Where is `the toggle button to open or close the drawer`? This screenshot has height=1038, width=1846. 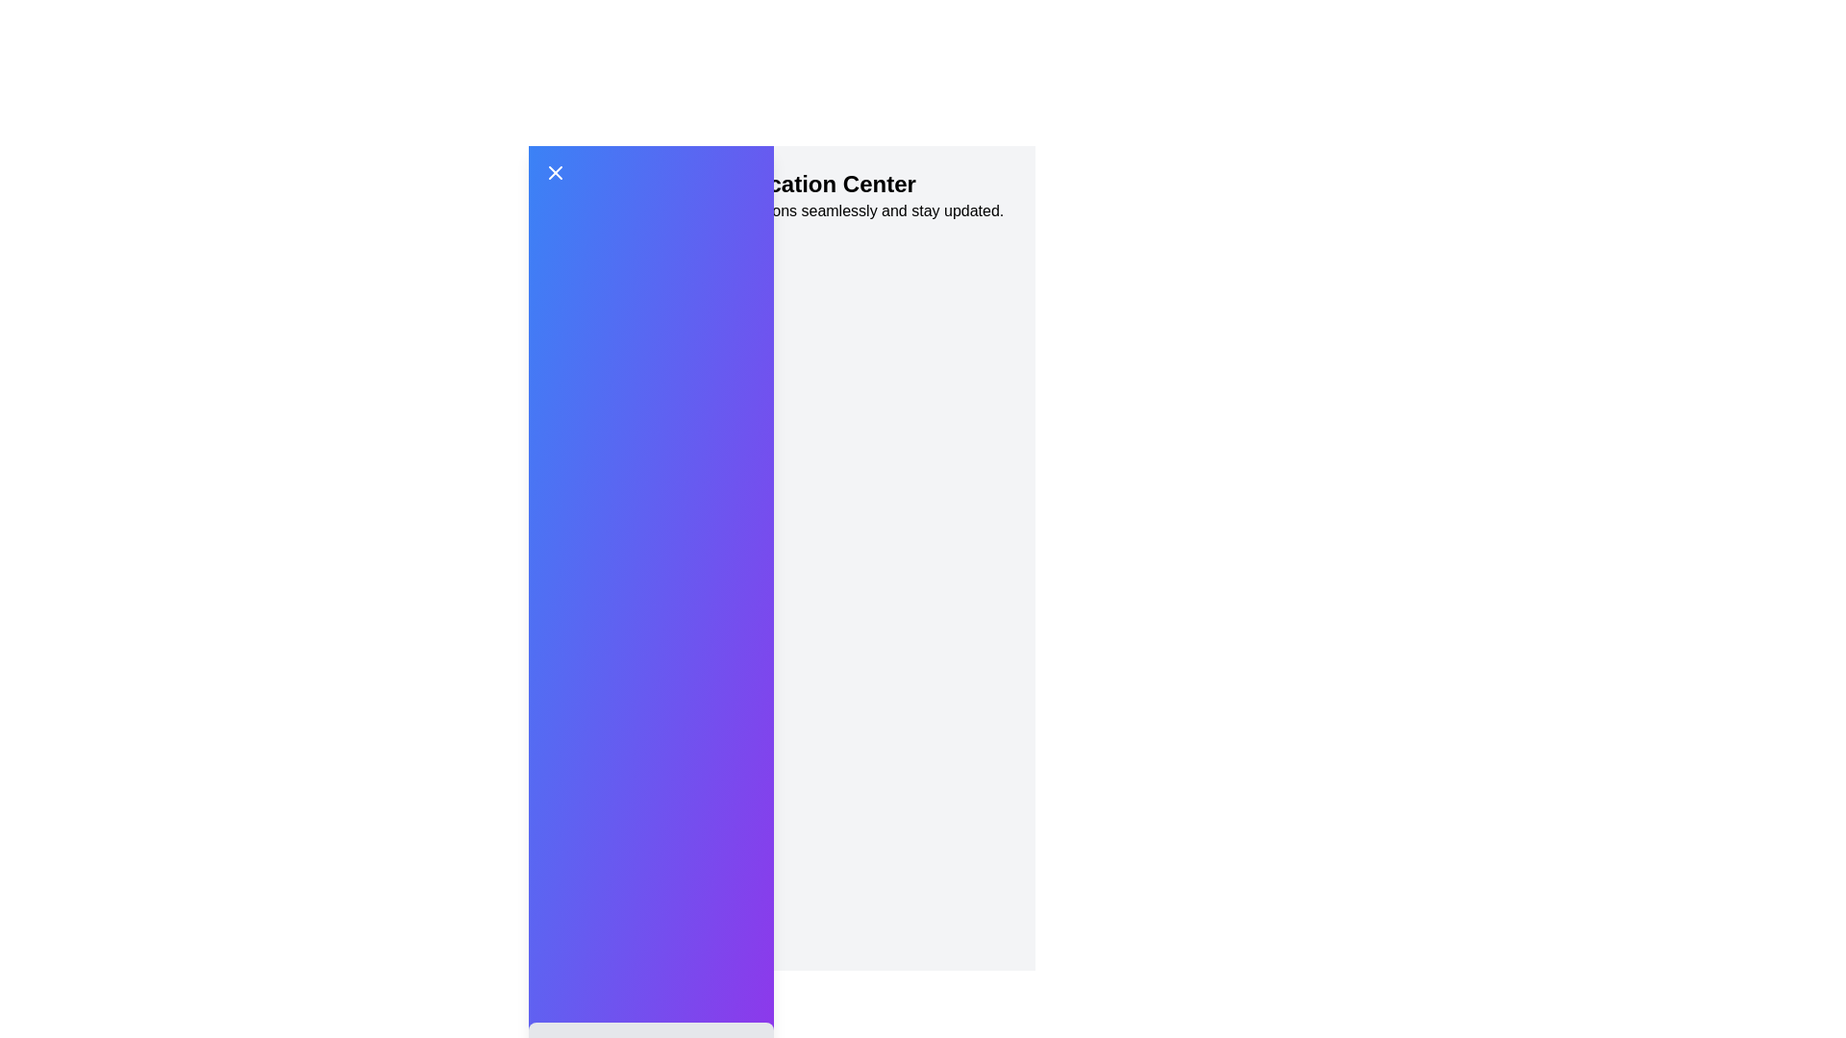
the toggle button to open or close the drawer is located at coordinates (650, 173).